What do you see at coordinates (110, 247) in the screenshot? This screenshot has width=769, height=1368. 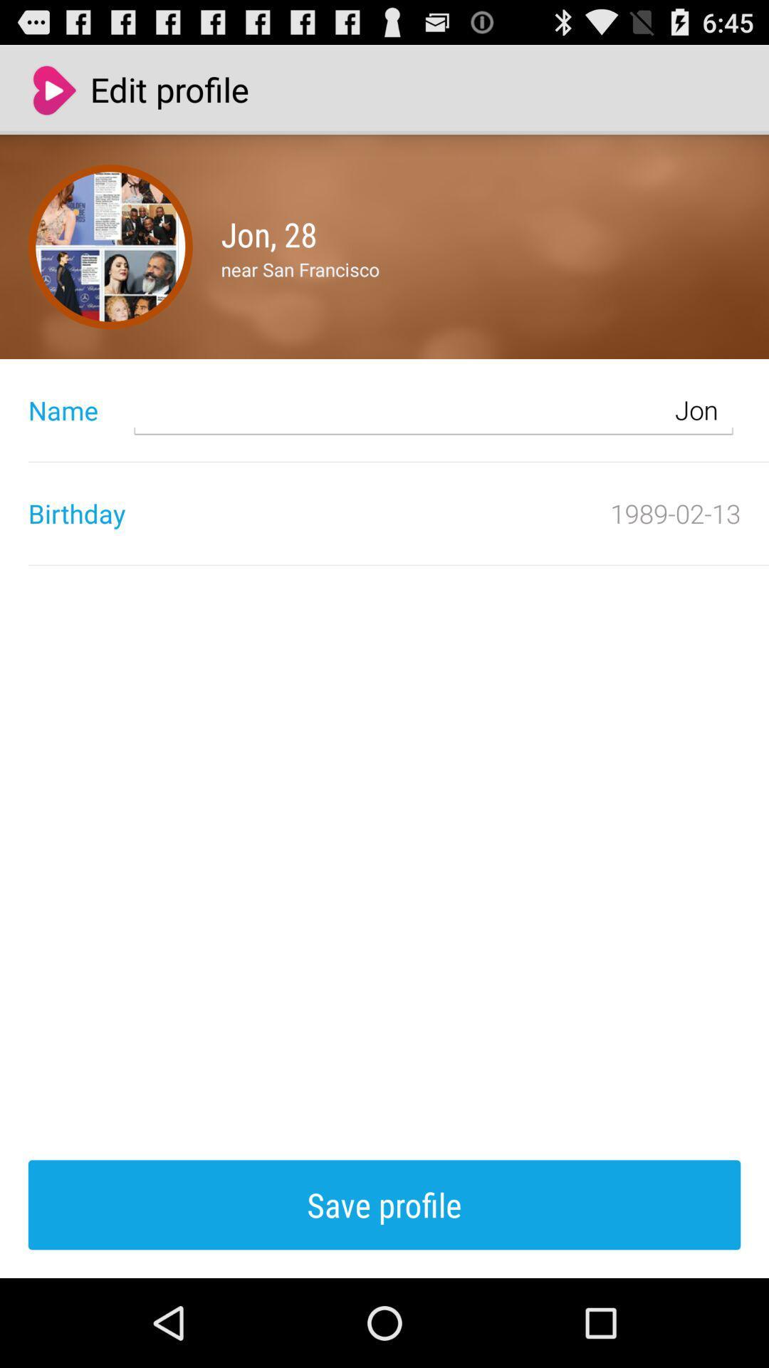 I see `see profile picture` at bounding box center [110, 247].